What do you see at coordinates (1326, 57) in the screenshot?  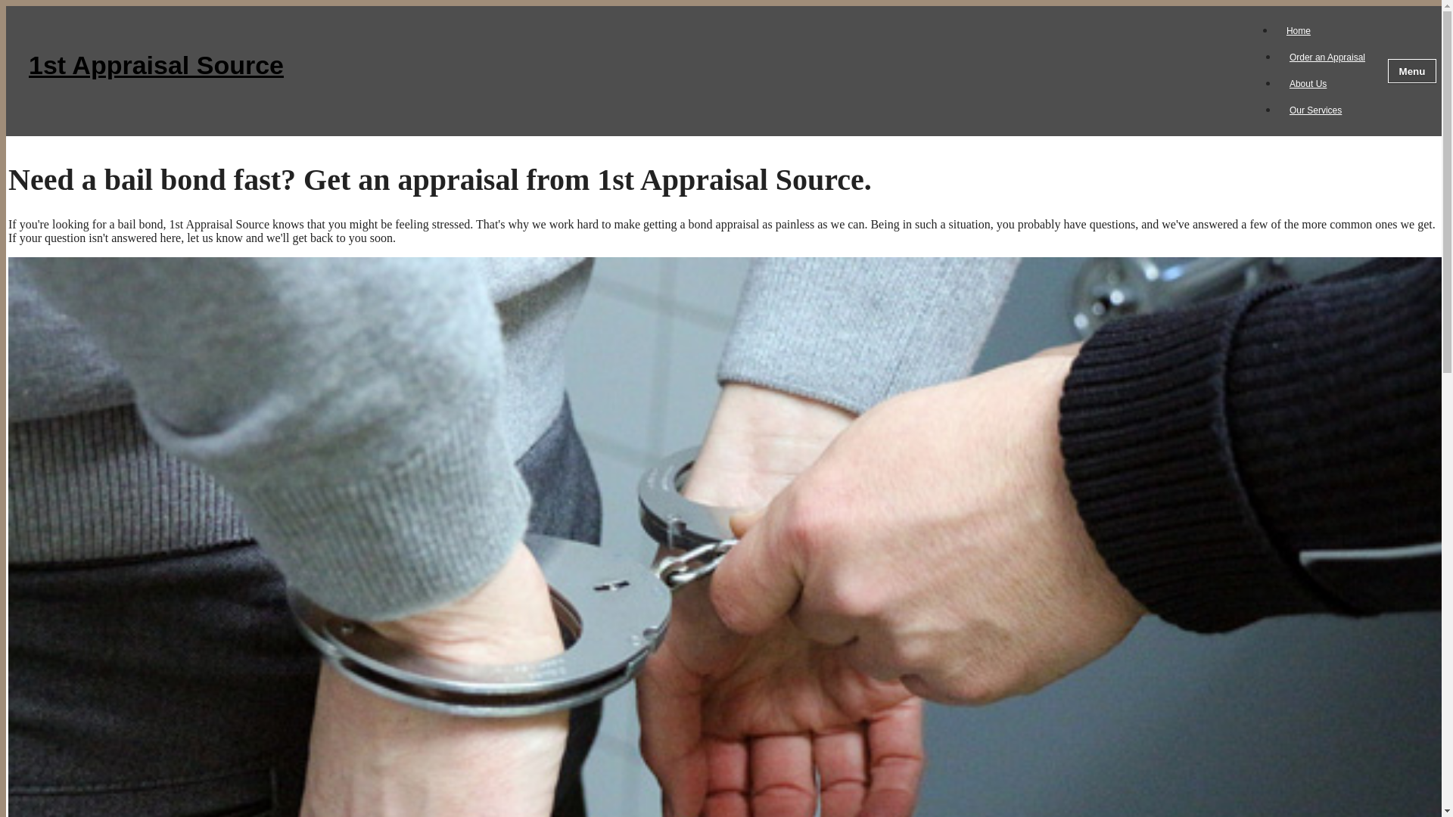 I see `'Order an Appraisal'` at bounding box center [1326, 57].